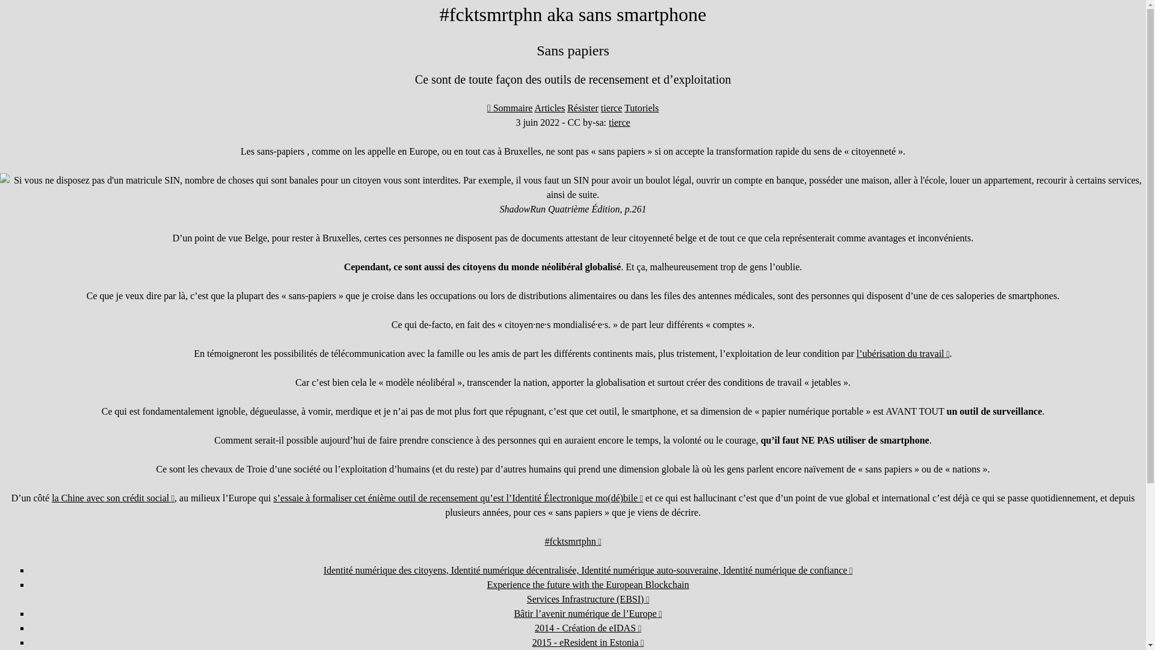  What do you see at coordinates (624, 107) in the screenshot?
I see `'Tutoriels'` at bounding box center [624, 107].